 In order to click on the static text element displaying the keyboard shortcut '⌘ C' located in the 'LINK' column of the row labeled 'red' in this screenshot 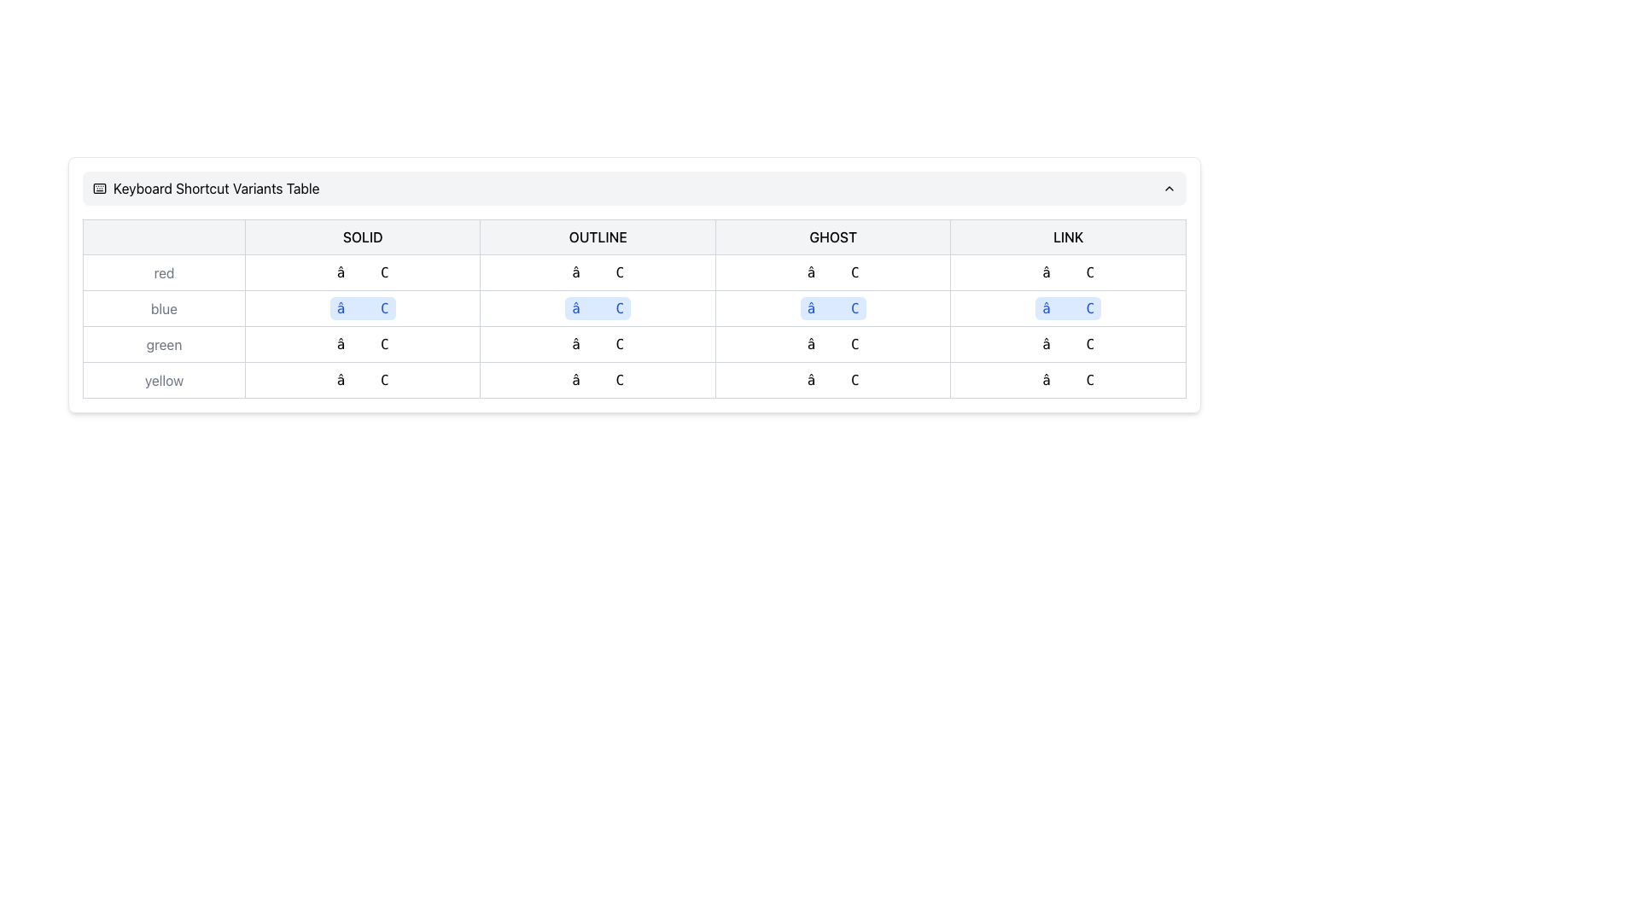, I will do `click(1067, 271)`.